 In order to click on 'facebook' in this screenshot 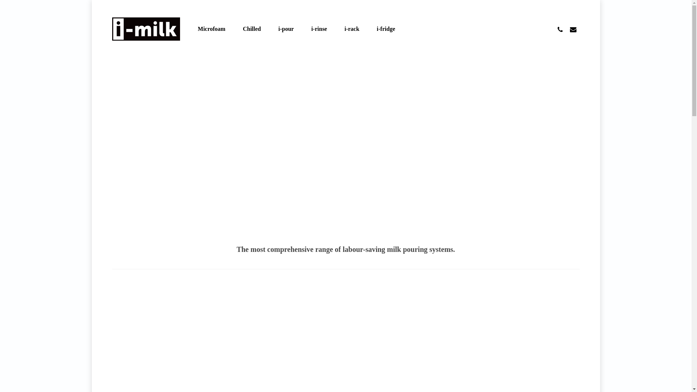, I will do `click(547, 379)`.